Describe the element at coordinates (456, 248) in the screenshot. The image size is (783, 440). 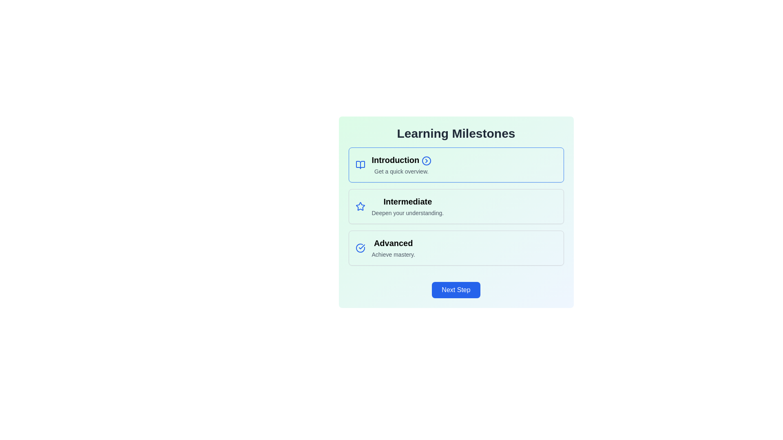
I see `the 'Advanced' card, which is the third card in a vertical stack of three, positioned below 'Intermediate' and above the 'Next Step' button` at that location.